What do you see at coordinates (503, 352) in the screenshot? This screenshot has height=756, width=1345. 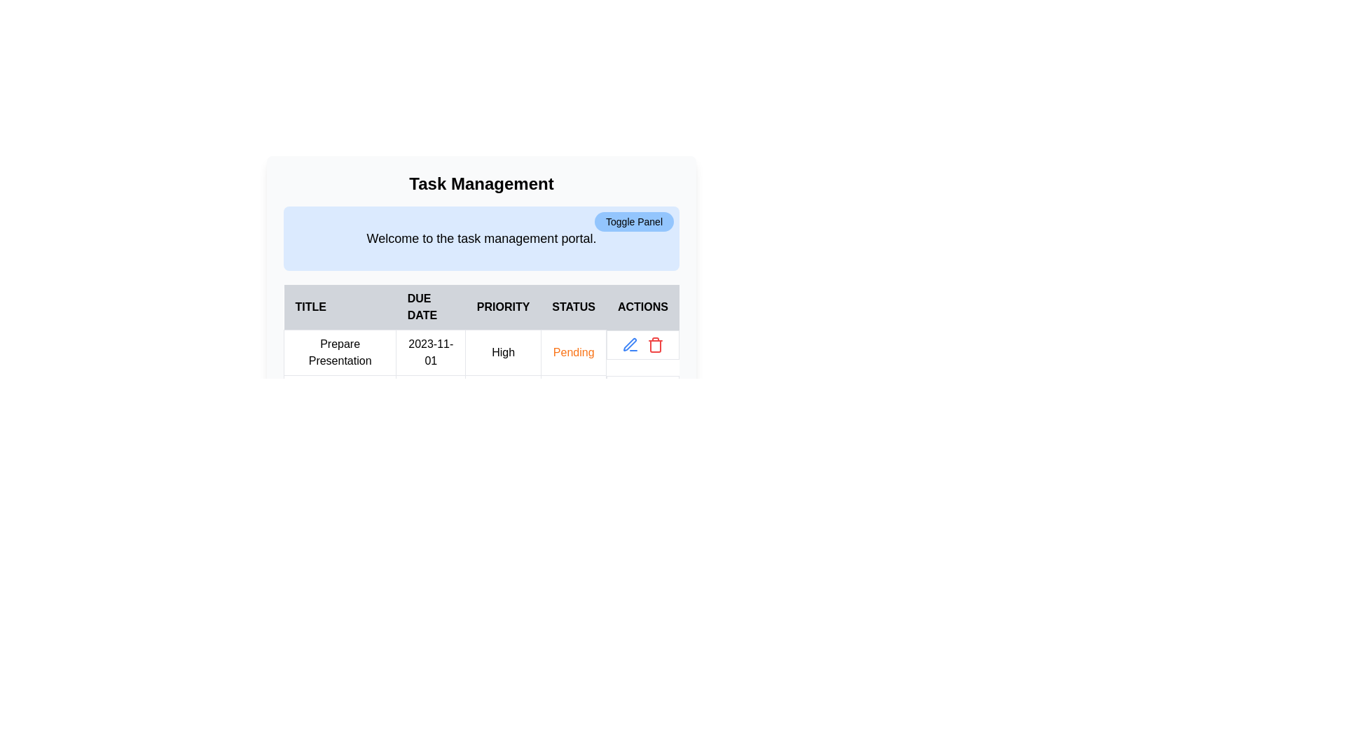 I see `the text label reading 'High' in black font, which is centrally aligned within the PRIORITY column of the task table interface` at bounding box center [503, 352].